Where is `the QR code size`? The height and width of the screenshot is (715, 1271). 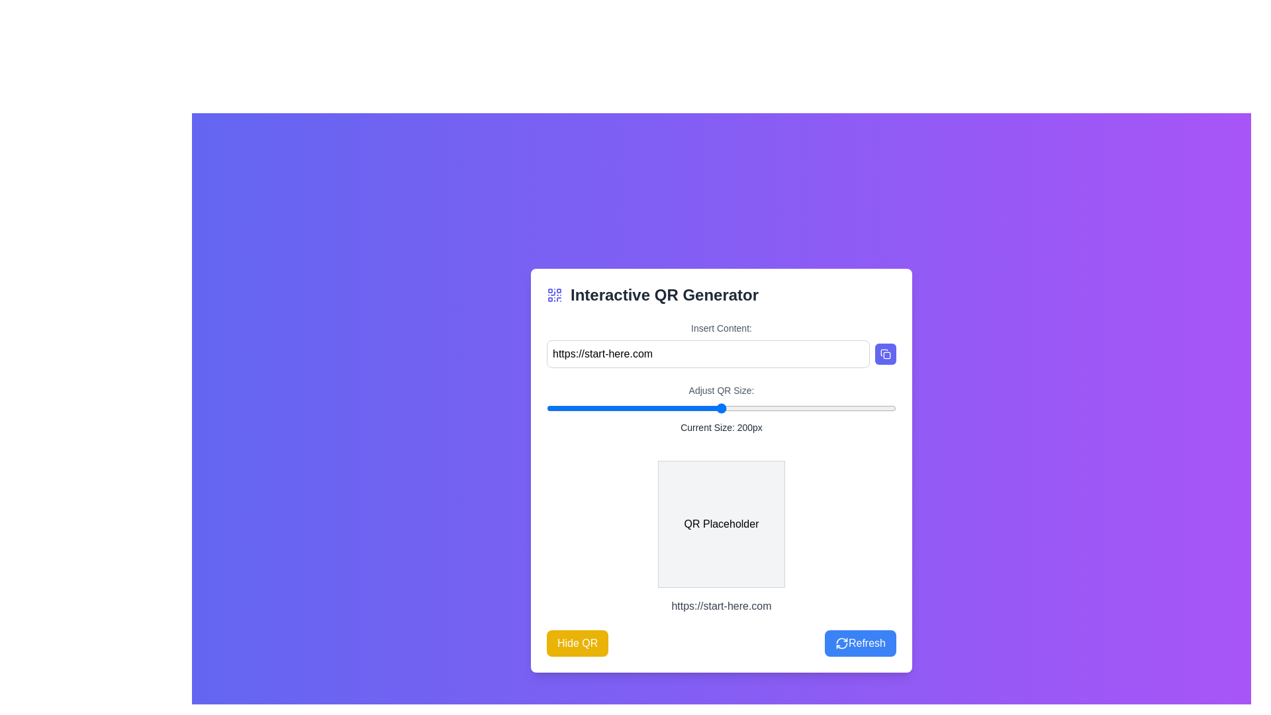
the QR code size is located at coordinates (763, 408).